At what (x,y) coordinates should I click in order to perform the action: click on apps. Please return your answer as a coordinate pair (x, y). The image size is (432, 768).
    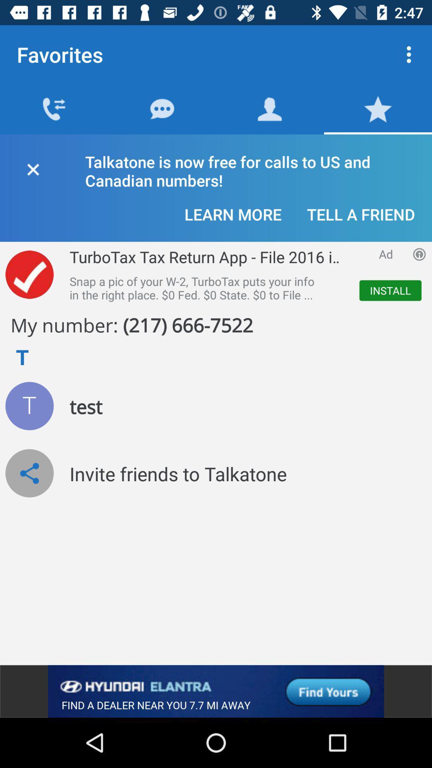
    Looking at the image, I should click on (419, 254).